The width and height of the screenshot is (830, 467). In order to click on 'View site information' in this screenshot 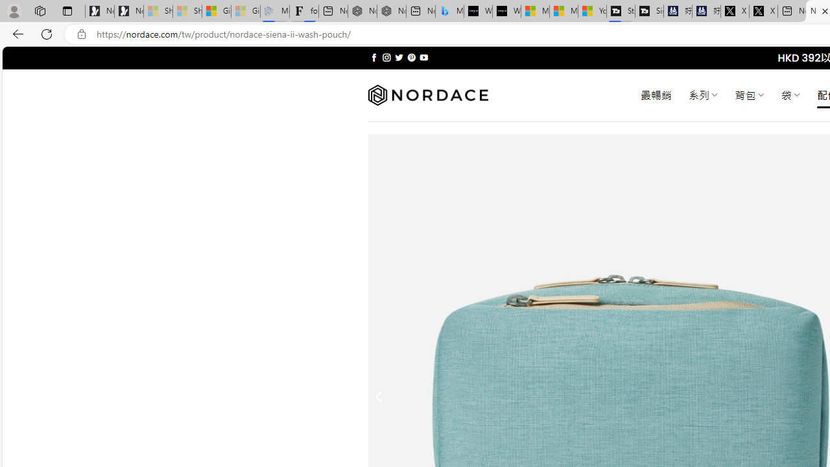, I will do `click(81, 34)`.